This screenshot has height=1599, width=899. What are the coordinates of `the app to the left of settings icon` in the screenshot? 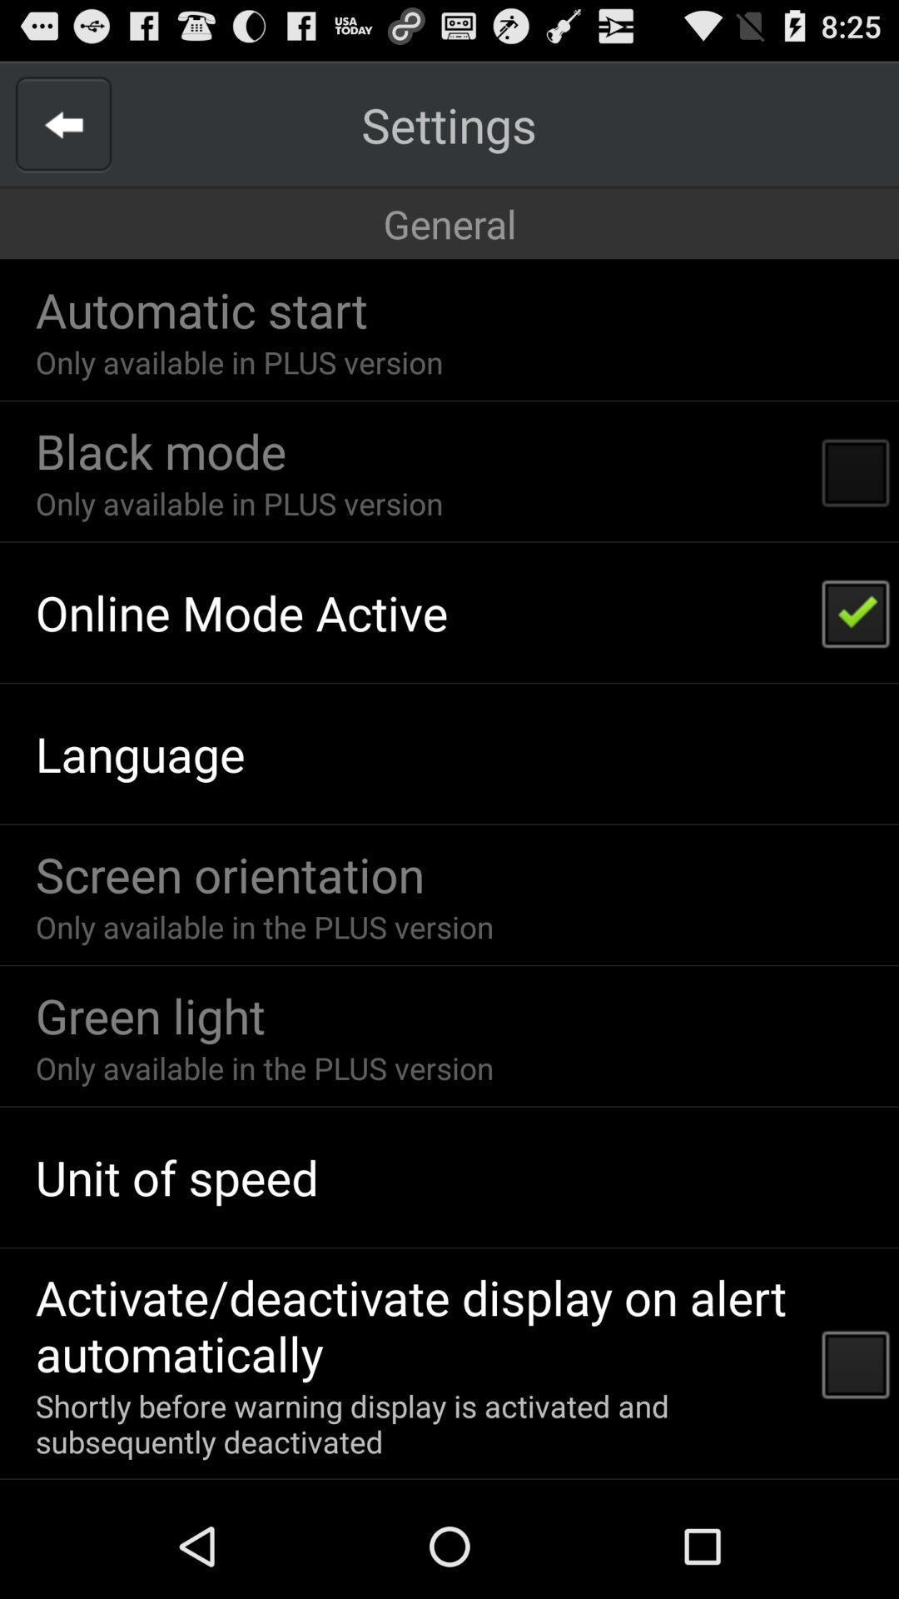 It's located at (62, 123).